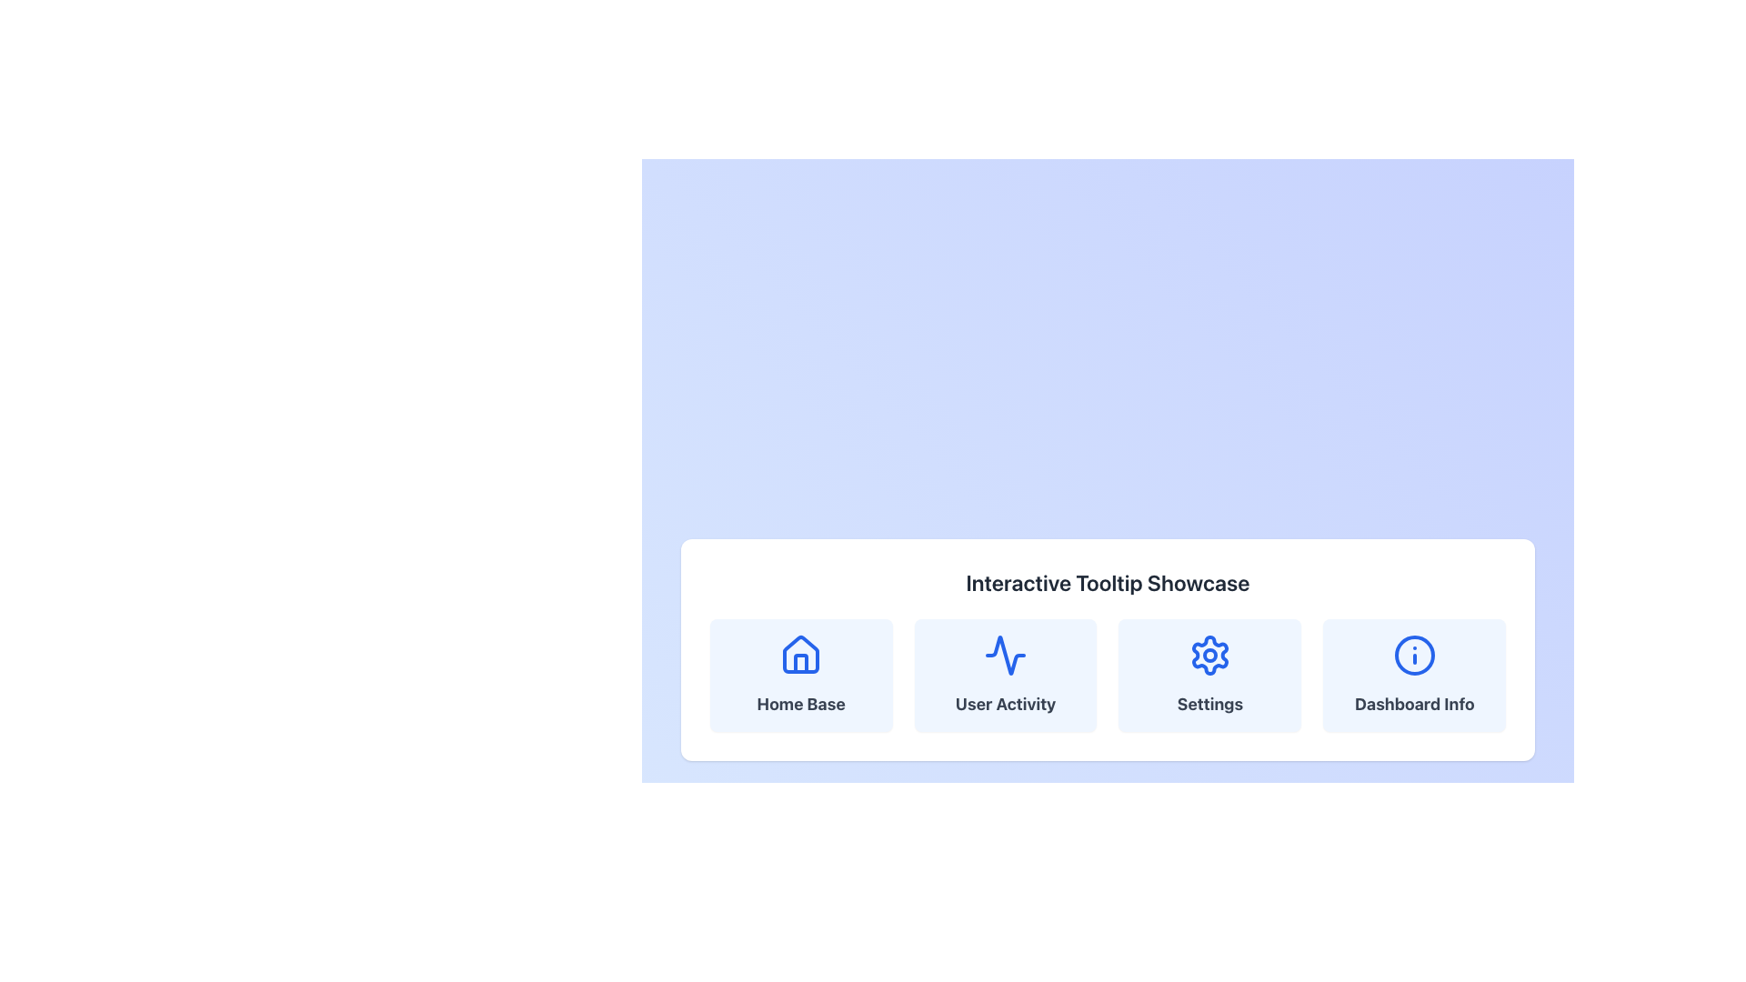  What do you see at coordinates (800, 655) in the screenshot?
I see `the stylized house icon located in the first segment of the menu items at the bottom of the interface, which is directly above the 'Home Base' label` at bounding box center [800, 655].